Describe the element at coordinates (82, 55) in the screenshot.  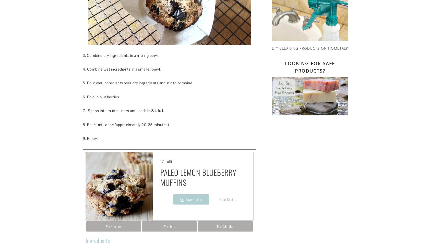
I see `'3. Combine dry ingredients in a mixing bowl.'` at that location.